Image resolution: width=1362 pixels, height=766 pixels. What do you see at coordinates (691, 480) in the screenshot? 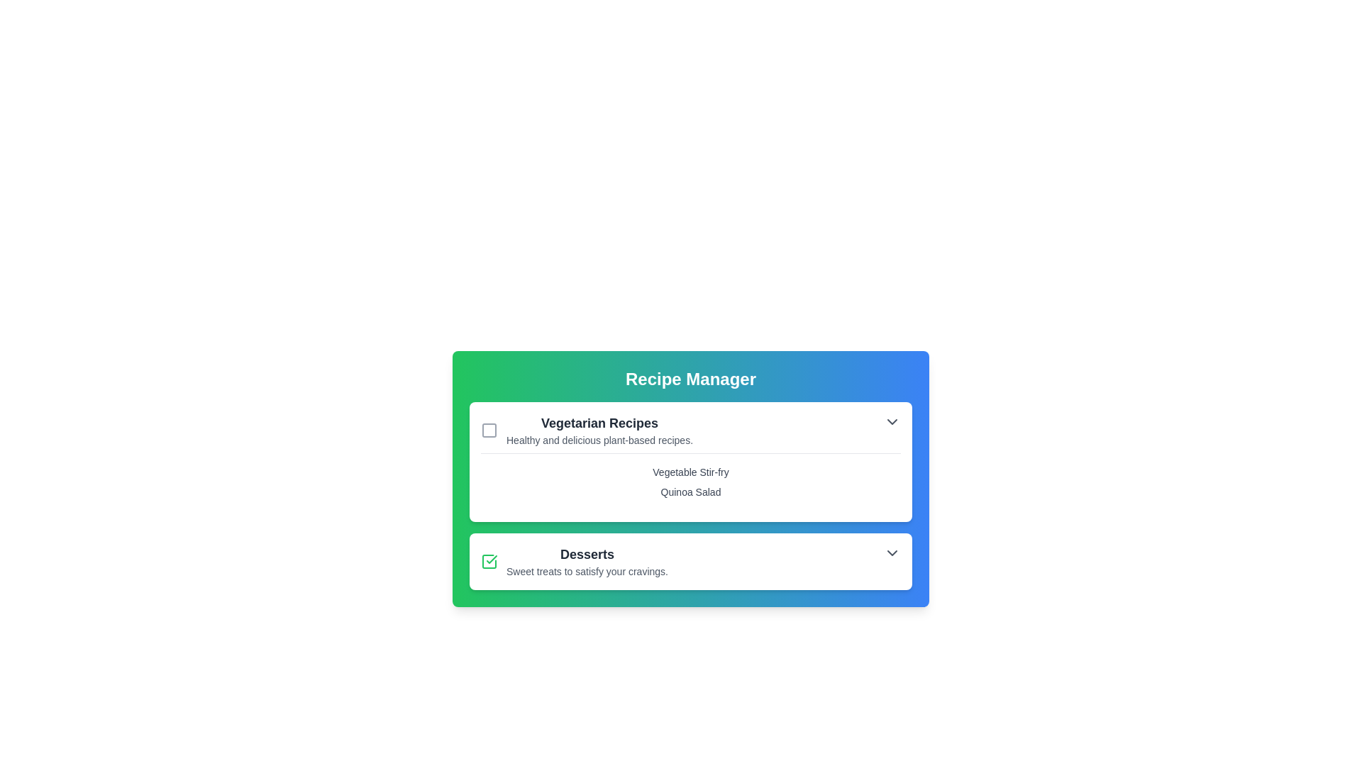
I see `the Text Display Area that lists the names of specific recipes under the 'Vegetarian Recipes' category in the Recipe Manager interface` at bounding box center [691, 480].